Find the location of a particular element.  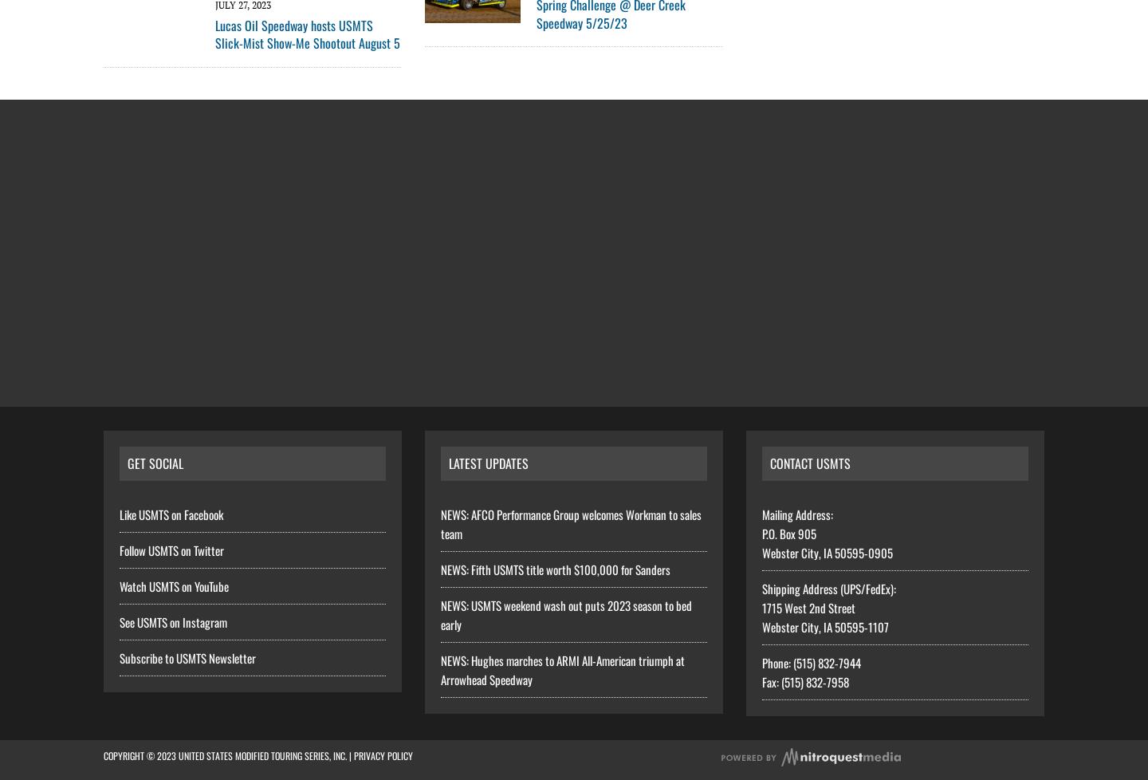

'Mailing Address:' is located at coordinates (796, 514).